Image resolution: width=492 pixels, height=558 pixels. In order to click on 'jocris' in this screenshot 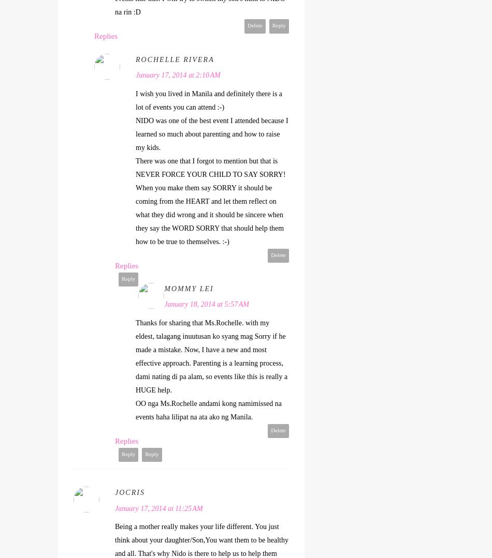, I will do `click(129, 492)`.